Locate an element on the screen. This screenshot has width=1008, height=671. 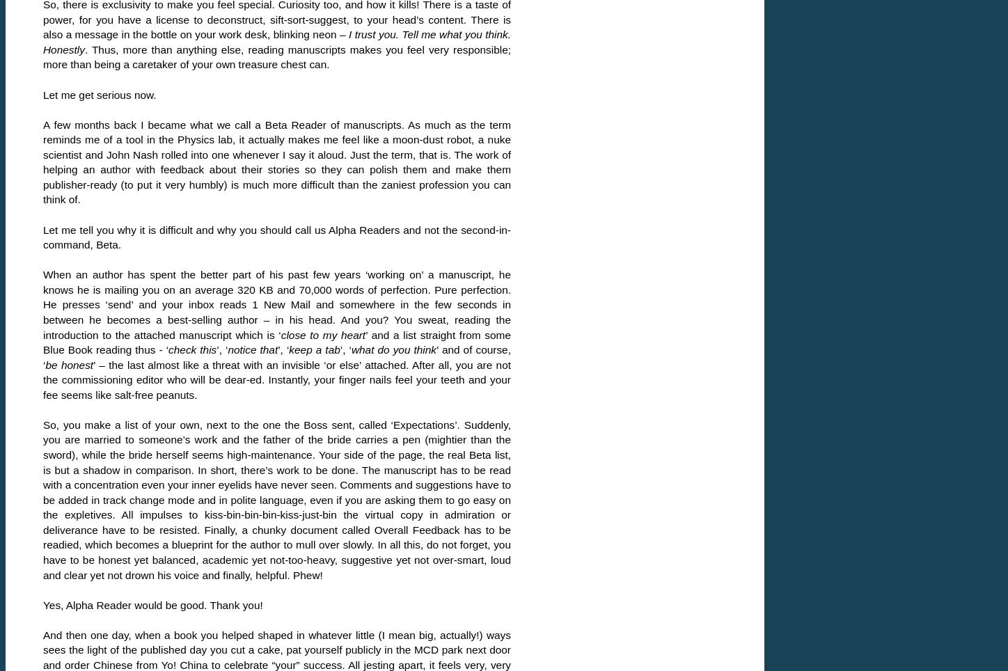
'notice that' is located at coordinates (226, 349).